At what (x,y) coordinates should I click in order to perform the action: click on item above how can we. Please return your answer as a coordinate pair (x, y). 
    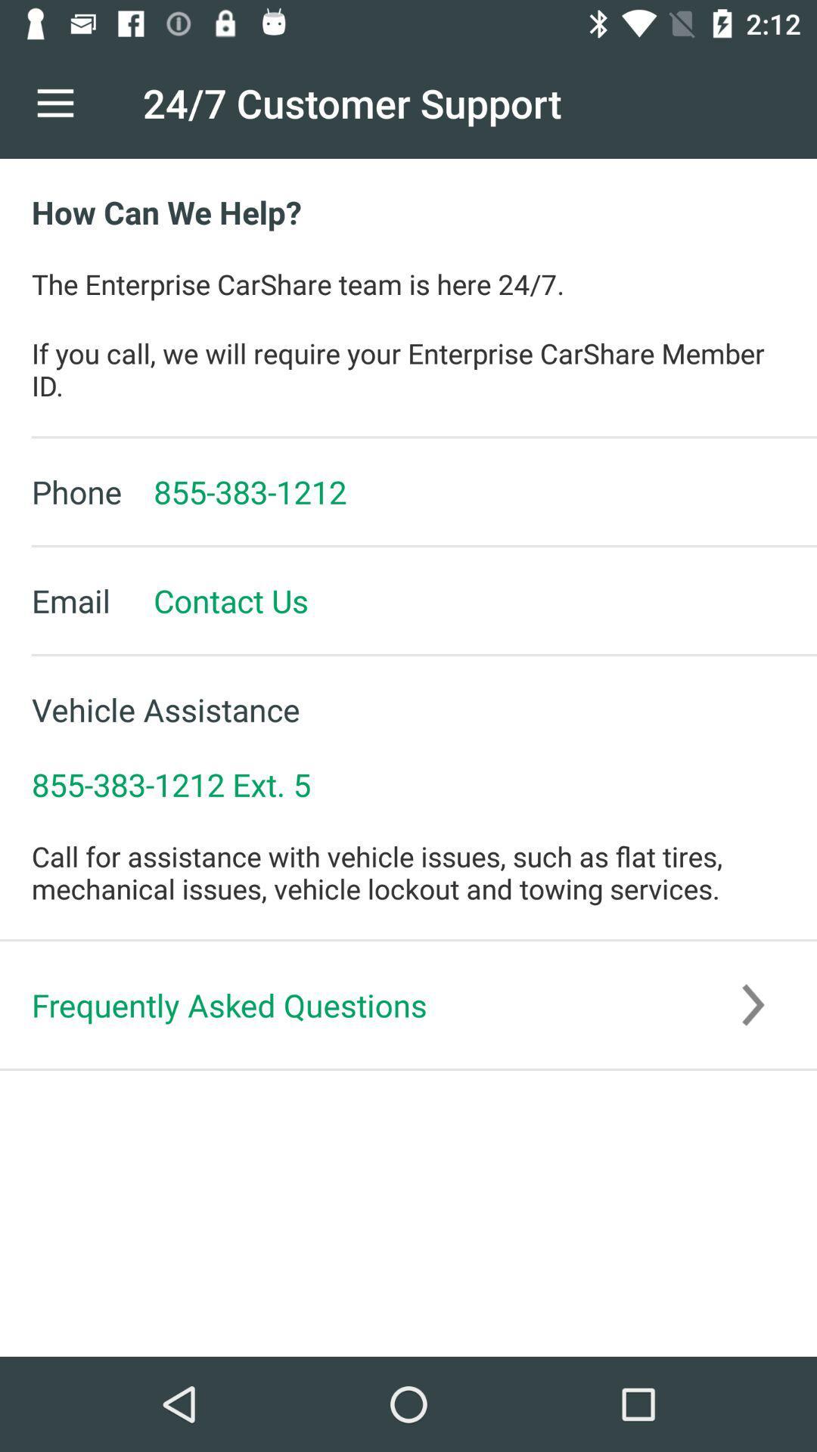
    Looking at the image, I should click on (54, 102).